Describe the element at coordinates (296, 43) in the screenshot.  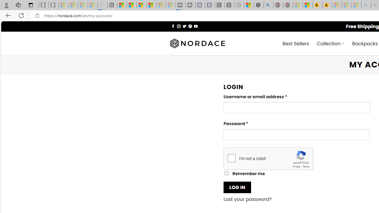
I see `'  Best Sellers'` at that location.